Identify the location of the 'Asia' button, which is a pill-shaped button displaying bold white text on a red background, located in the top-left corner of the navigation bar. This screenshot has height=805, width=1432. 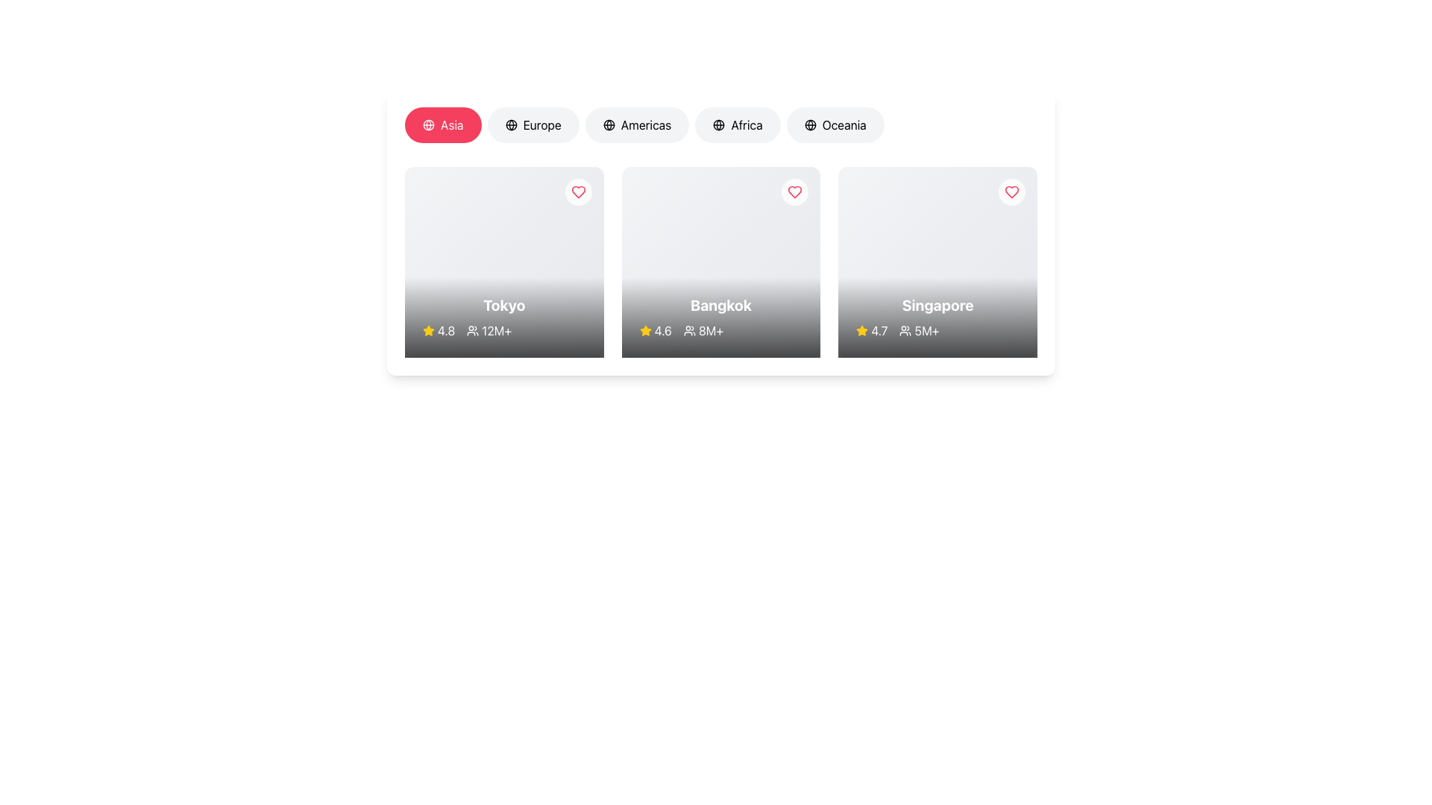
(451, 124).